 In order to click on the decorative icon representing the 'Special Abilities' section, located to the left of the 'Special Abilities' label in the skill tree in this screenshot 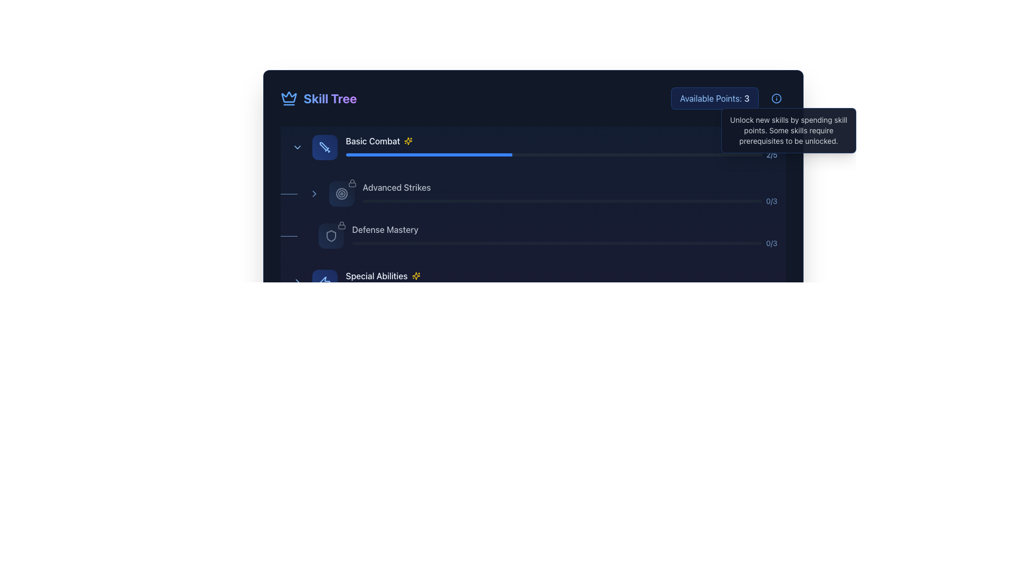, I will do `click(324, 282)`.